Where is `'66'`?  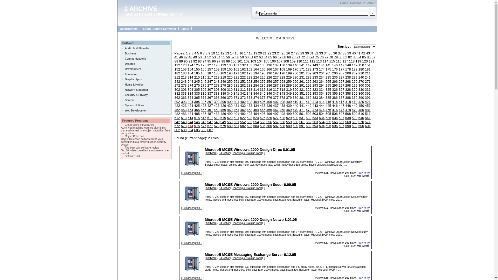
'66' is located at coordinates (274, 57).